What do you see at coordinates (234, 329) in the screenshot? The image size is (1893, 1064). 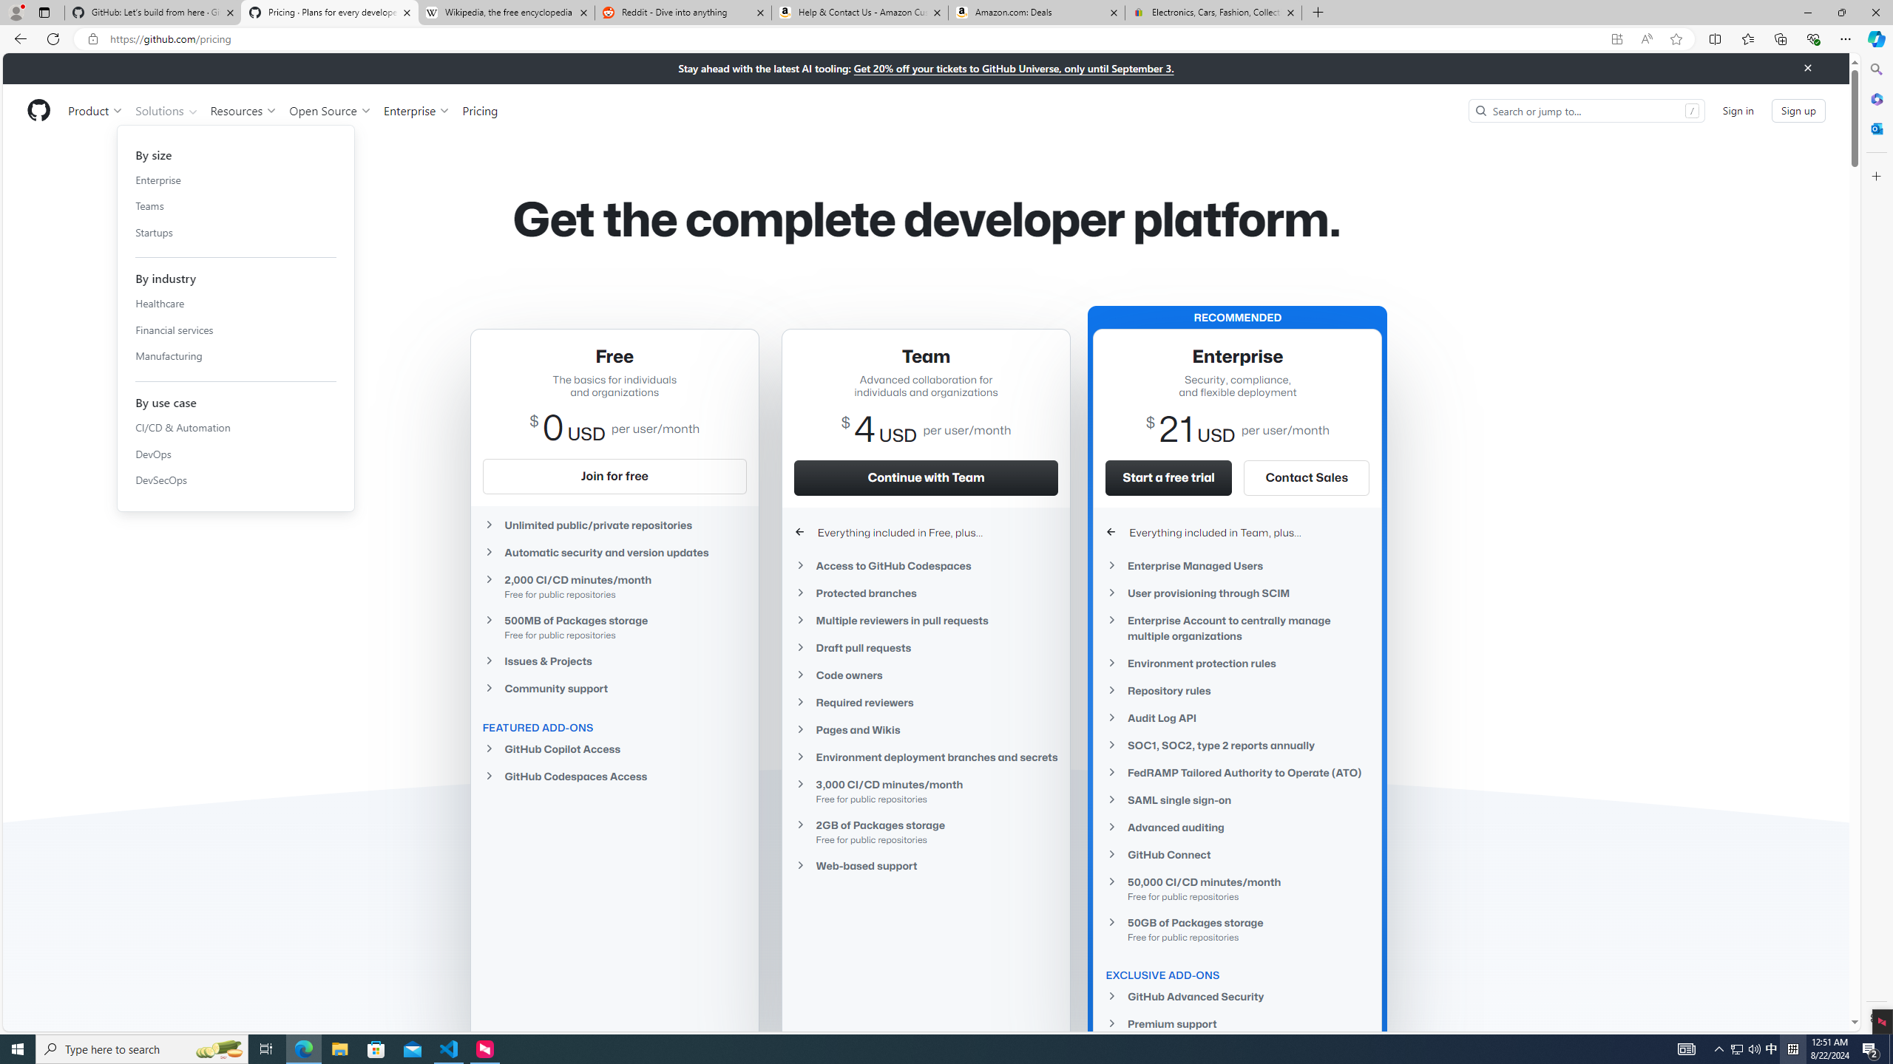 I see `'Financial services'` at bounding box center [234, 329].